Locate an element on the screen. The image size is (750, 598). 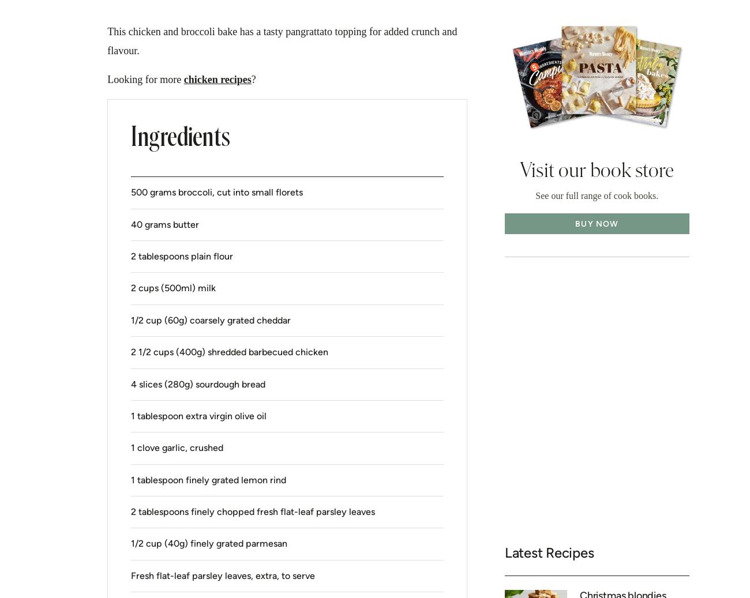
'1 tablespoon extra virgin olive oil' is located at coordinates (198, 415).